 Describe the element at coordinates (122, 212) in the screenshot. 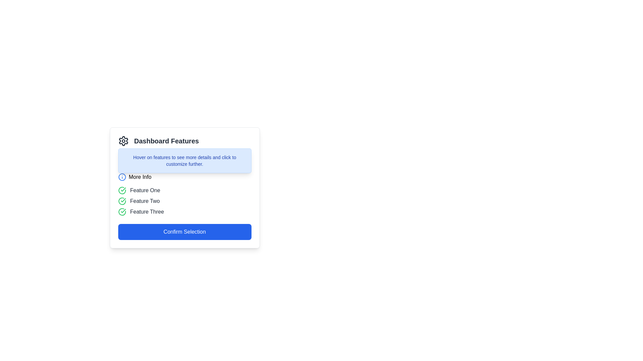

I see `the green circular icon with a checkmark inside, located to the left of the 'Feature Three' label in the 'Dashboard Features' section` at that location.